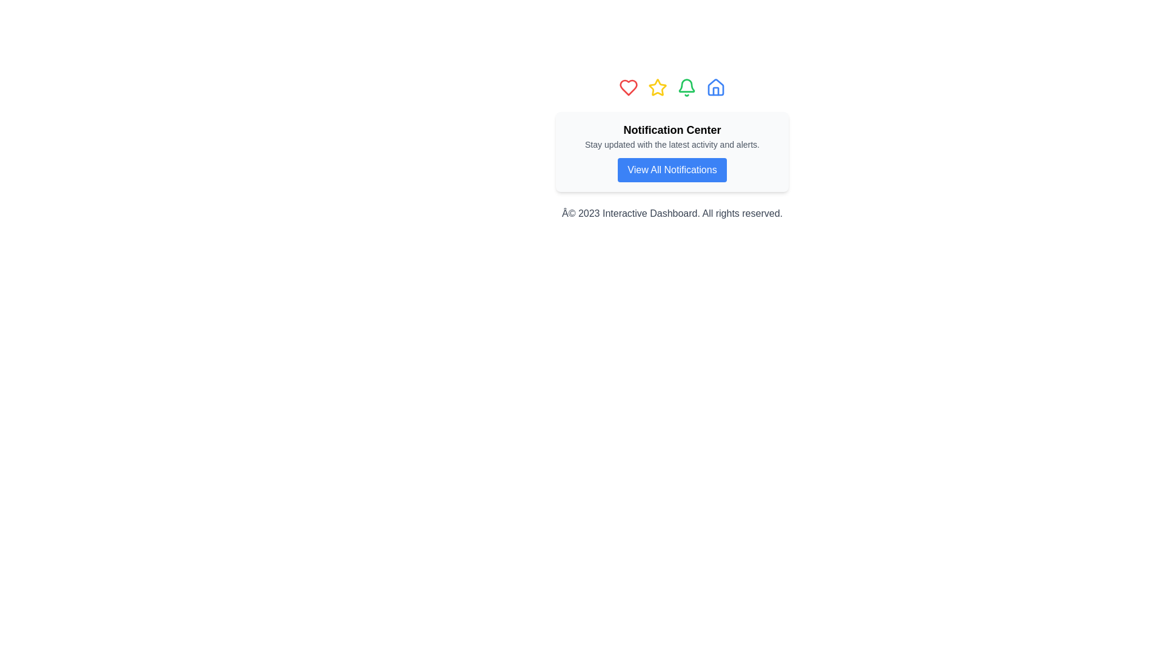 This screenshot has height=654, width=1164. Describe the element at coordinates (715, 87) in the screenshot. I see `the home SVG-based icon, which is located at the farthest right of a horizontal arrangement of icons, to trigger the color change` at that location.